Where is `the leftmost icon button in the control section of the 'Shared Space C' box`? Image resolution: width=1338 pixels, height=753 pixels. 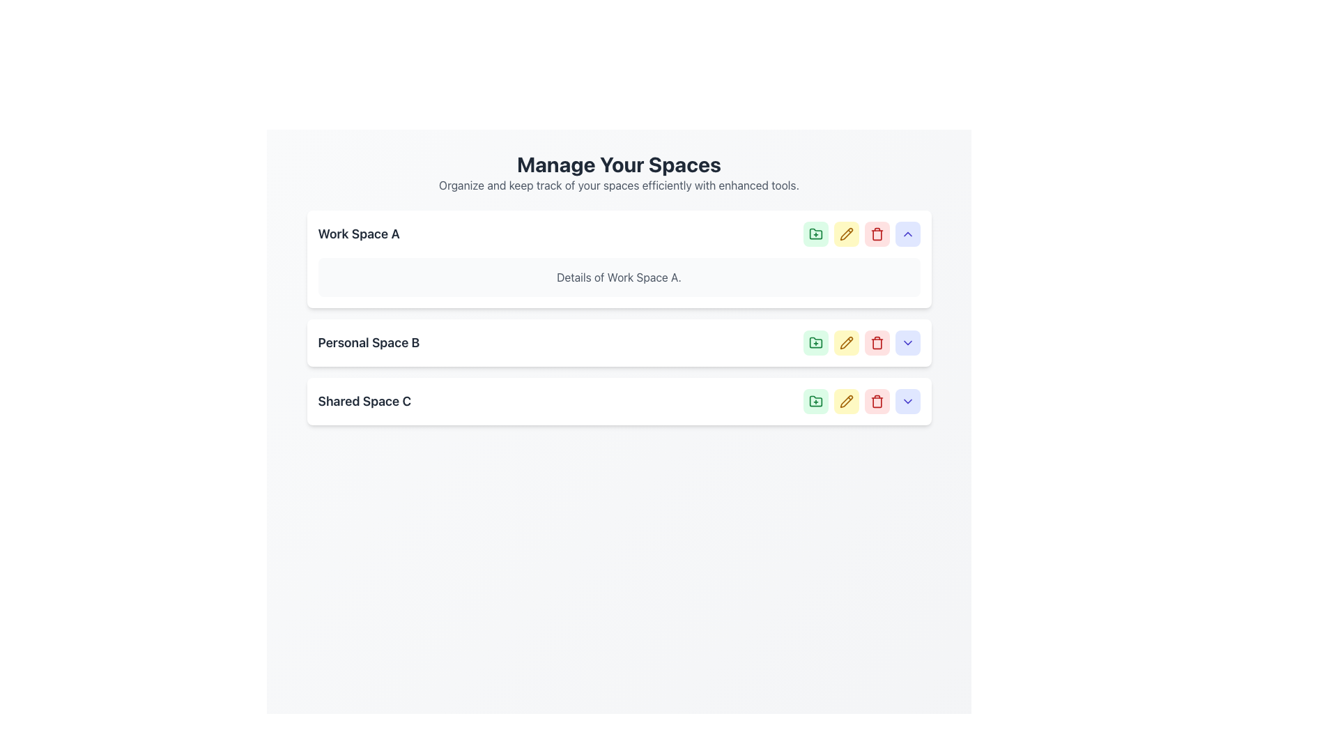 the leftmost icon button in the control section of the 'Shared Space C' box is located at coordinates (815, 401).